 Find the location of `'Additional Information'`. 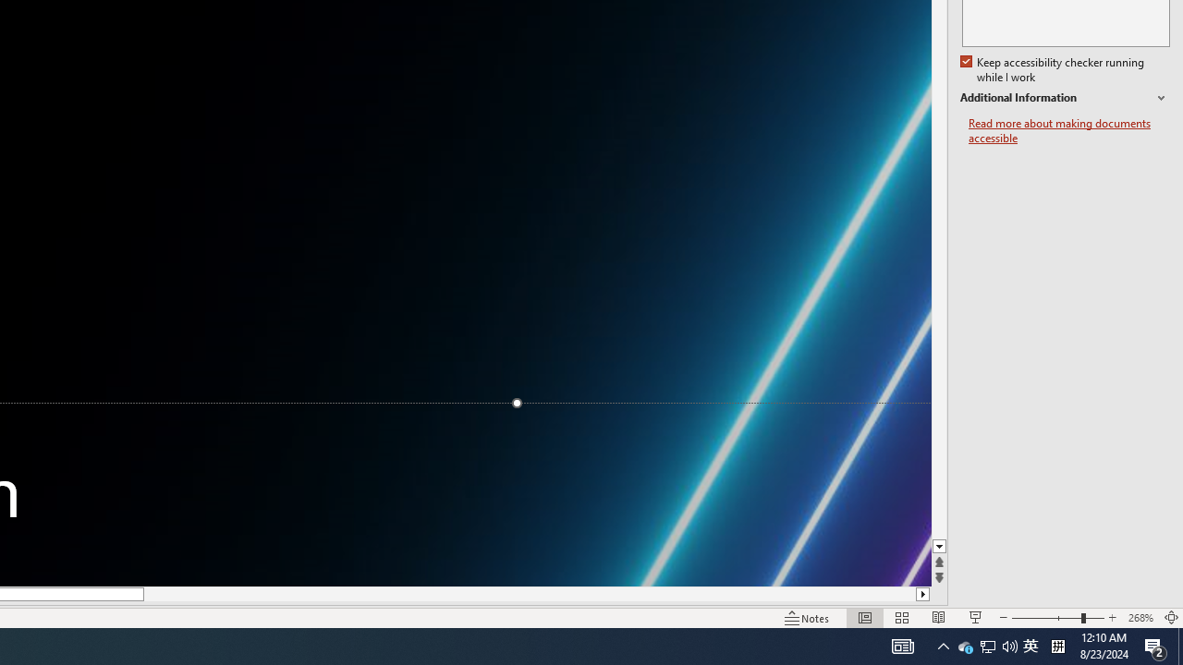

'Additional Information' is located at coordinates (1065, 98).